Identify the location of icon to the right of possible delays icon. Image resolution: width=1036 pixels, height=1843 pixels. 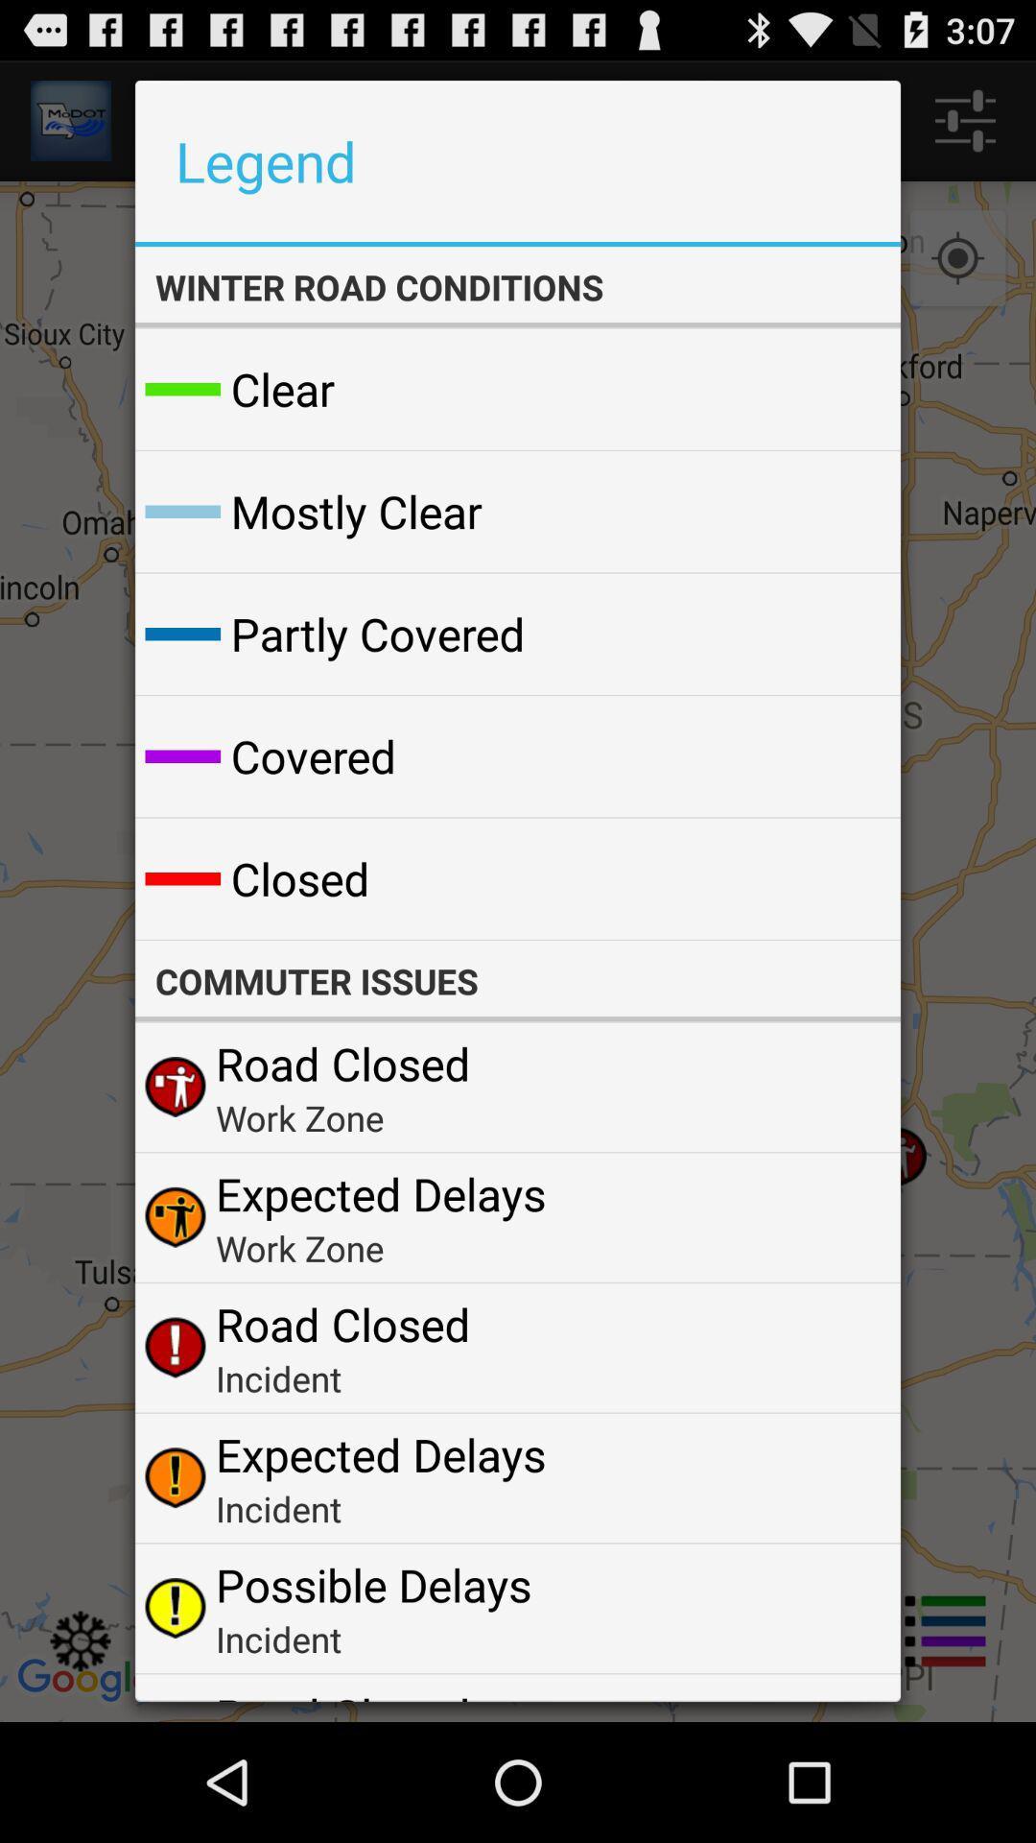
(838, 1608).